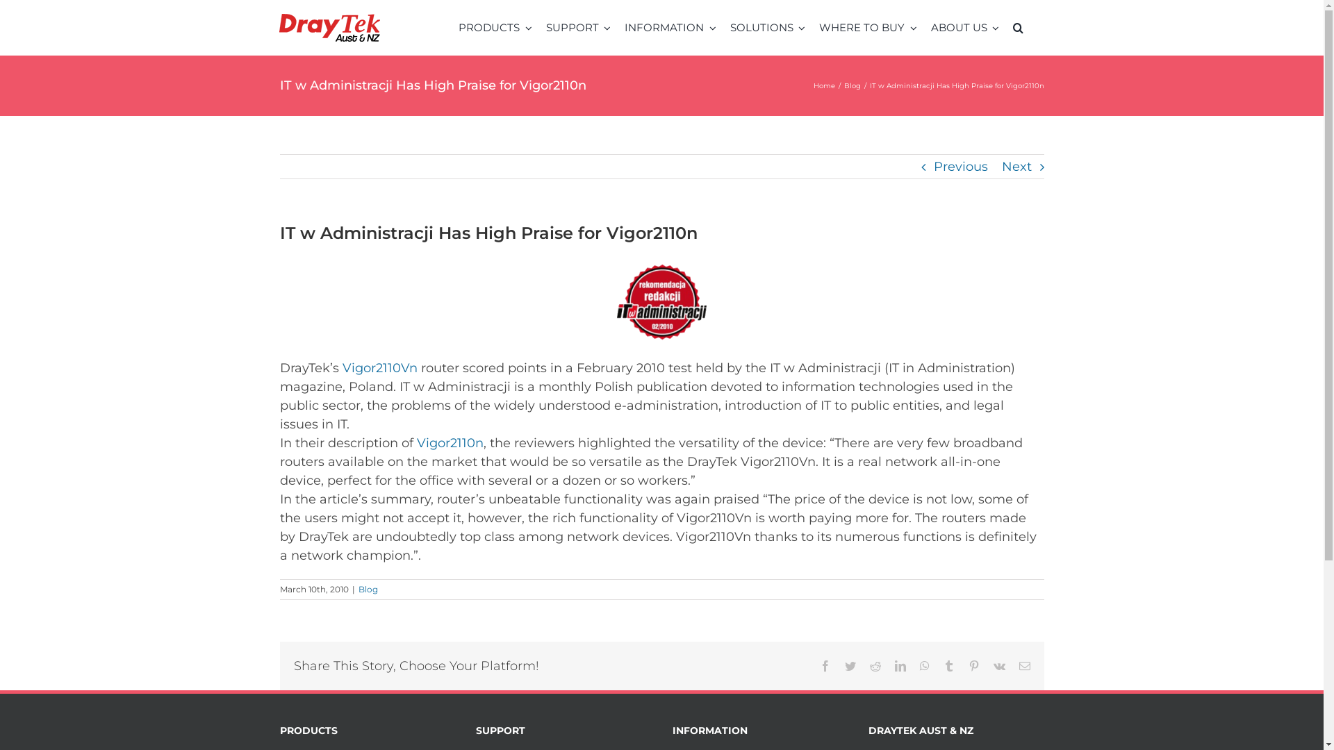  I want to click on 'Email', so click(1023, 665).